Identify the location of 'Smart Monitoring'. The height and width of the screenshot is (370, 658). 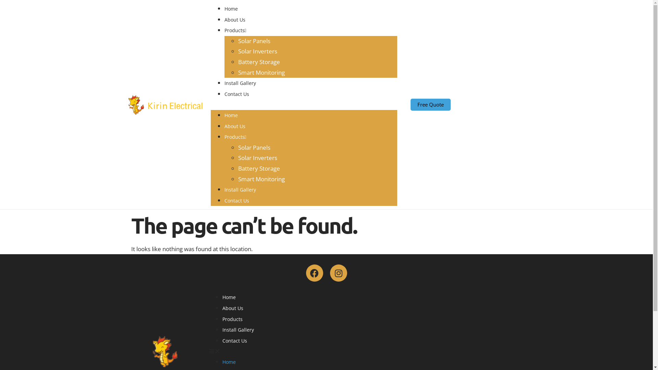
(261, 178).